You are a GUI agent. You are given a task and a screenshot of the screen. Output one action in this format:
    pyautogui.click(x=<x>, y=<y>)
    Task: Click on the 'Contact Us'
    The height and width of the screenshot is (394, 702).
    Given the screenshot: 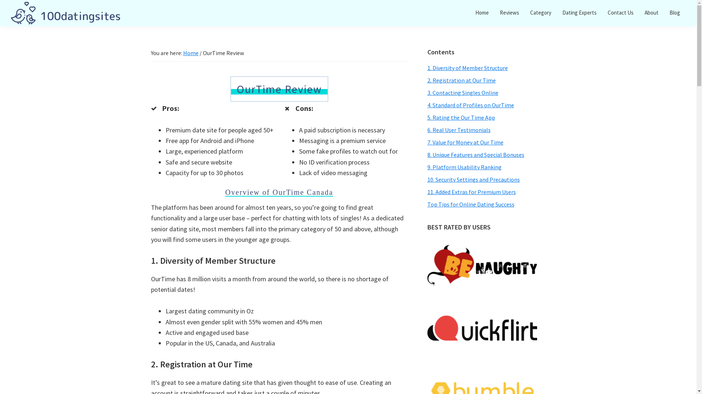 What is the action you would take?
    pyautogui.click(x=620, y=12)
    